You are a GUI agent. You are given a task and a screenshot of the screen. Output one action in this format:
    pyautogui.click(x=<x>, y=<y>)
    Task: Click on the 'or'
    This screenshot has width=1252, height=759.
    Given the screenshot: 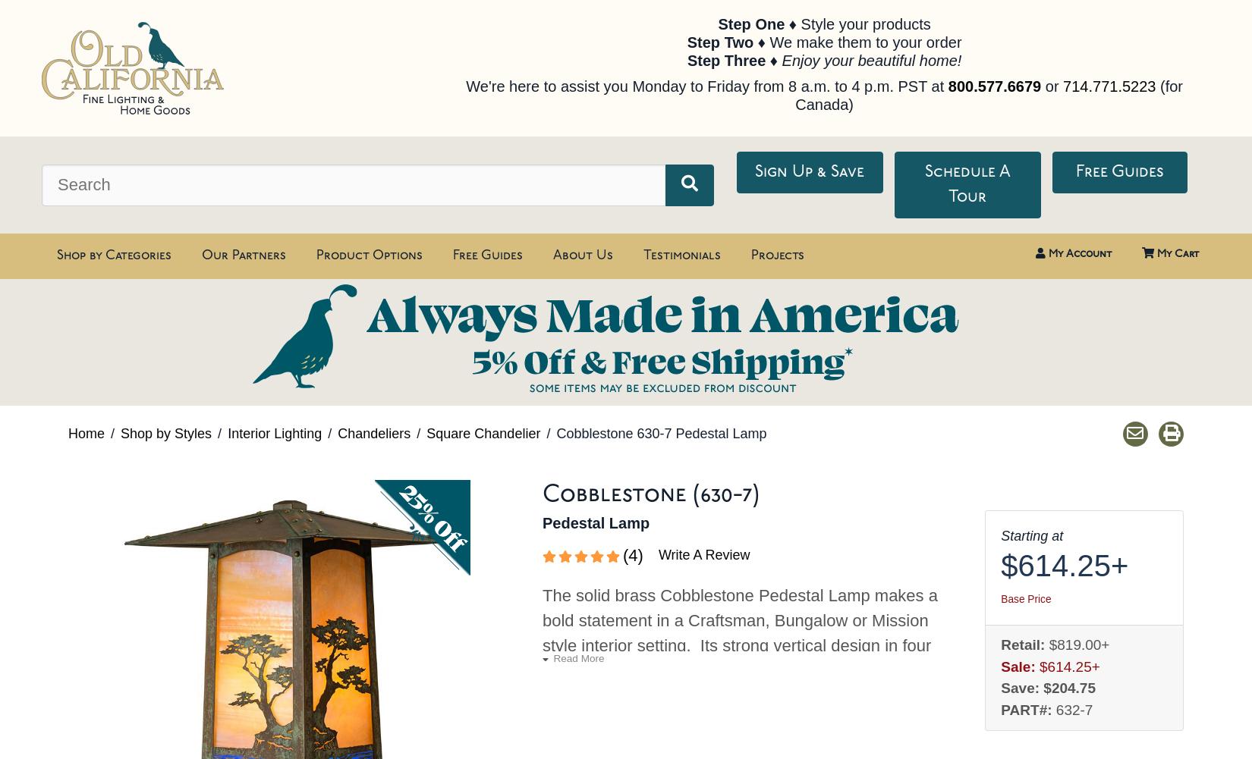 What is the action you would take?
    pyautogui.click(x=1051, y=86)
    